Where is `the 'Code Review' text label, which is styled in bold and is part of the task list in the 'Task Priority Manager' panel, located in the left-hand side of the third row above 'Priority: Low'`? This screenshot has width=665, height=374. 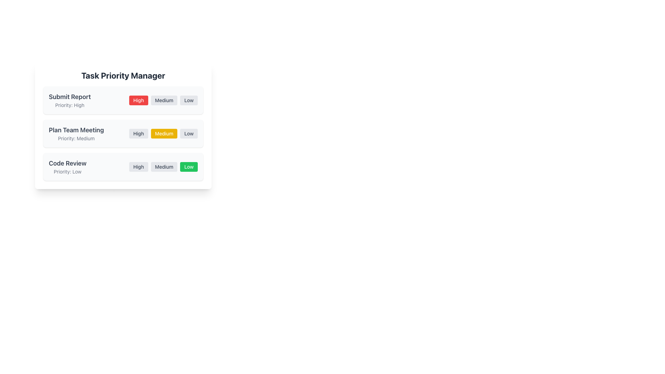 the 'Code Review' text label, which is styled in bold and is part of the task list in the 'Task Priority Manager' panel, located in the left-hand side of the third row above 'Priority: Low' is located at coordinates (68, 163).